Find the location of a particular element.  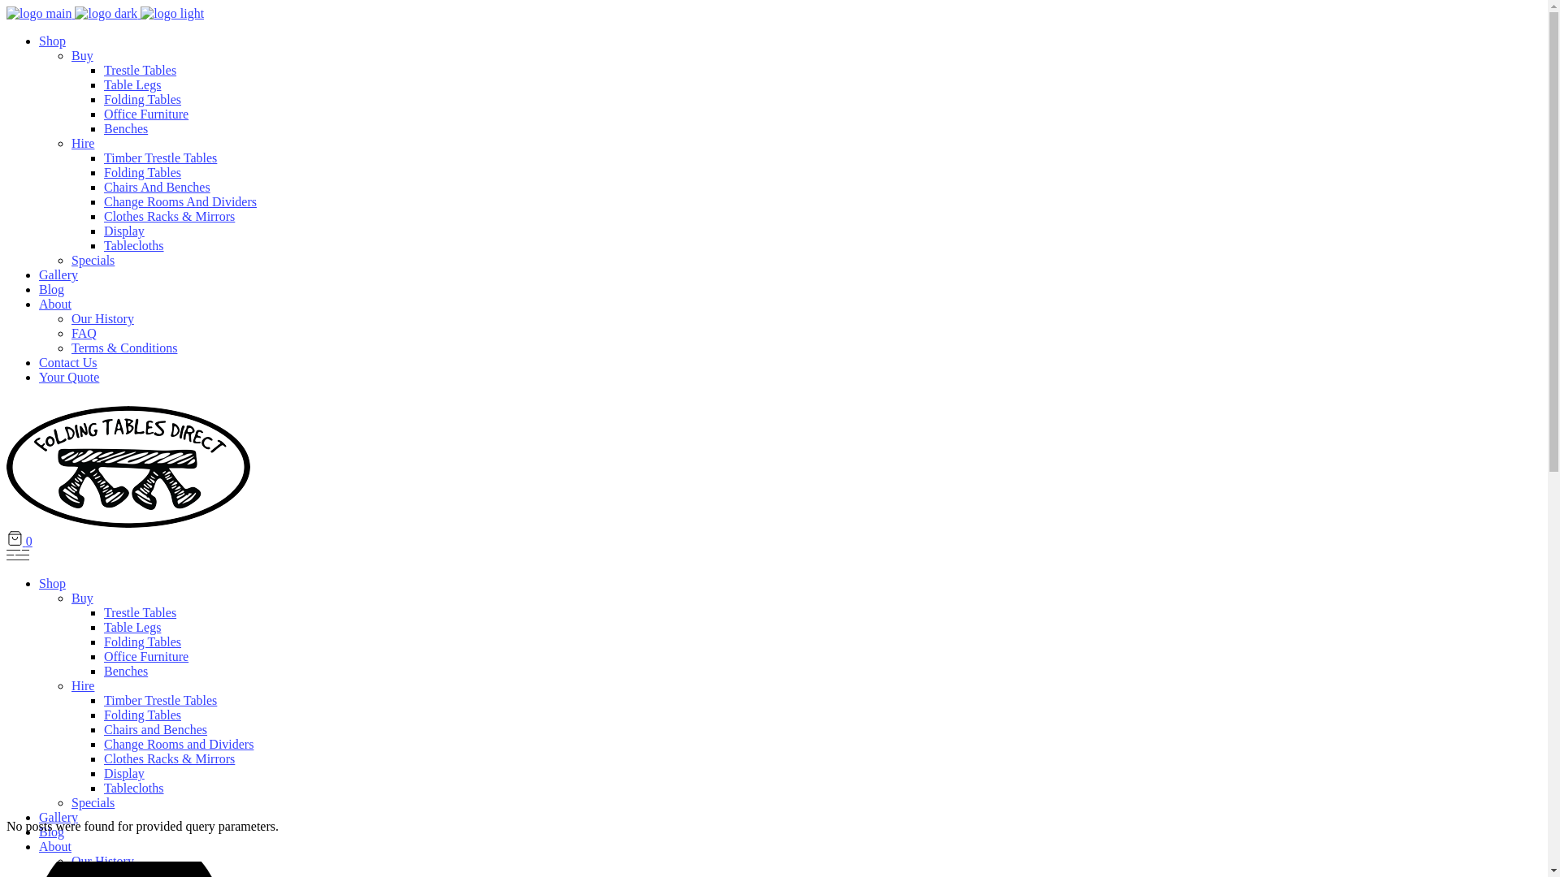

'Buy' is located at coordinates (70, 598).